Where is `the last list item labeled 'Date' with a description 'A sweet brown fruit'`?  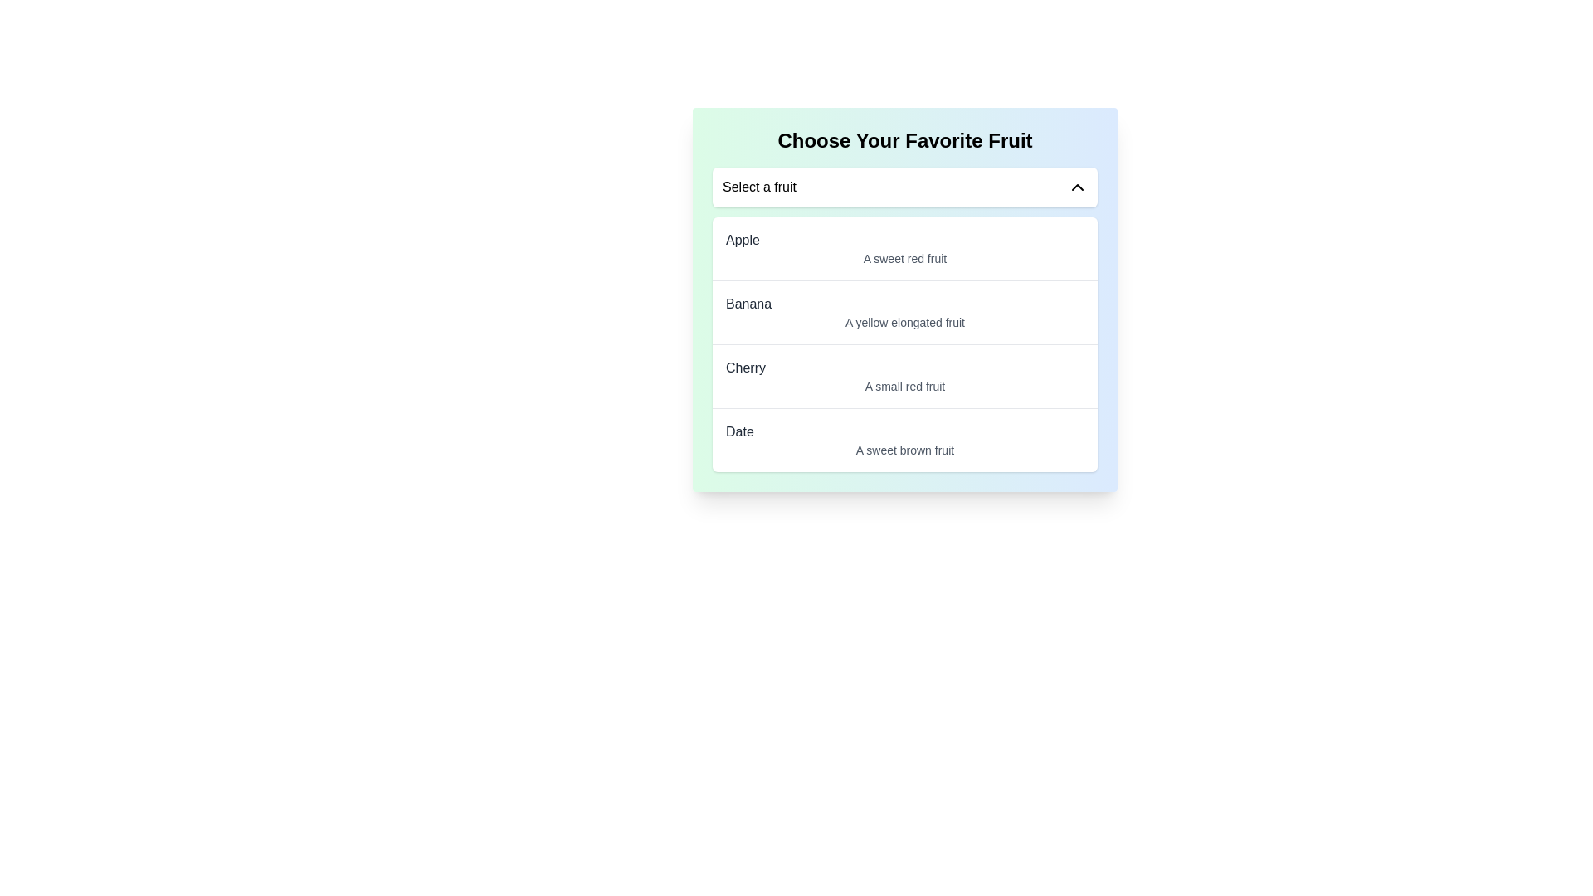
the last list item labeled 'Date' with a description 'A sweet brown fruit' is located at coordinates (904, 438).